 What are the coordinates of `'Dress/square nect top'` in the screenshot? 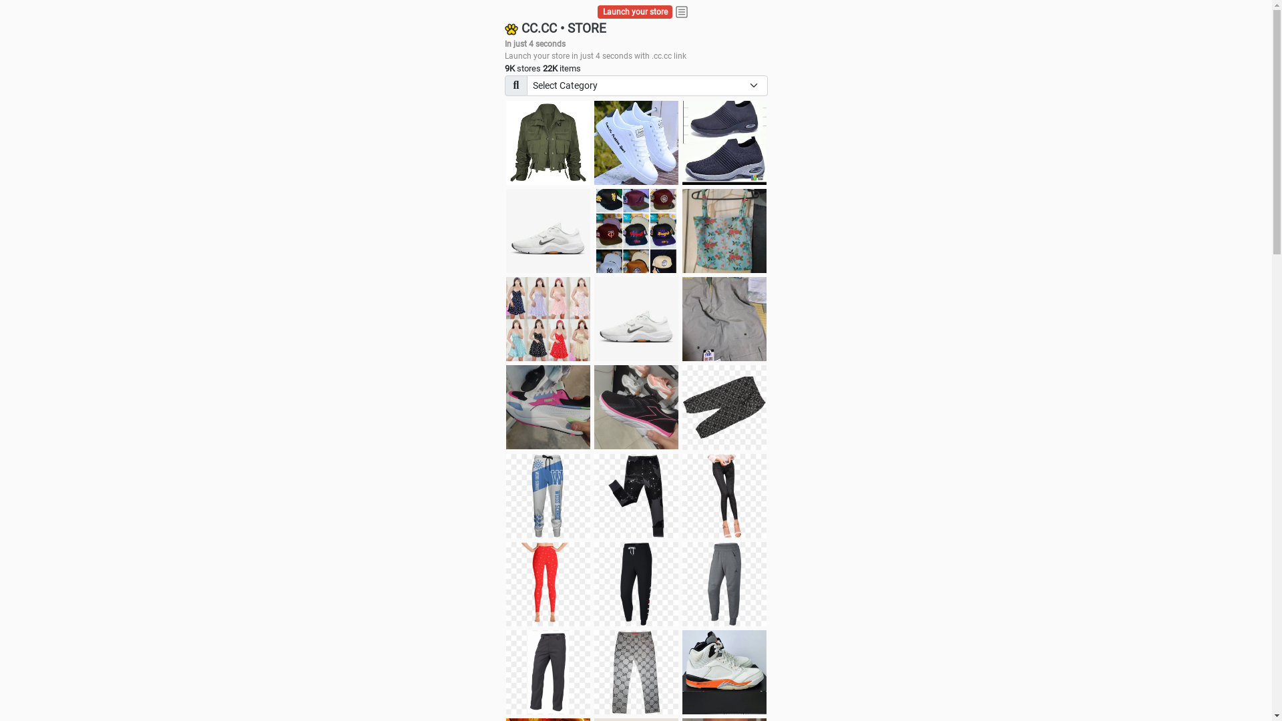 It's located at (548, 319).